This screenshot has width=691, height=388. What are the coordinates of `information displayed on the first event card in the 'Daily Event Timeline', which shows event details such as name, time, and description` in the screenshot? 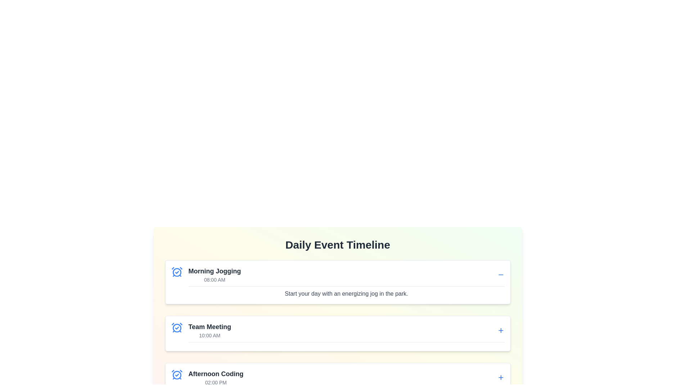 It's located at (337, 282).